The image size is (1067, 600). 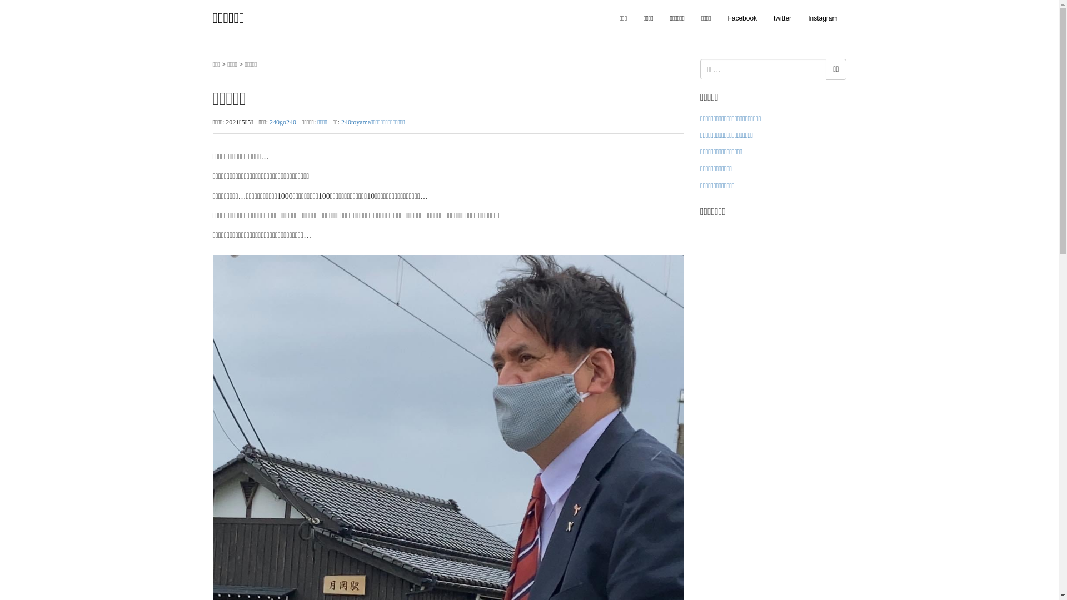 What do you see at coordinates (269, 122) in the screenshot?
I see `'240go240'` at bounding box center [269, 122].